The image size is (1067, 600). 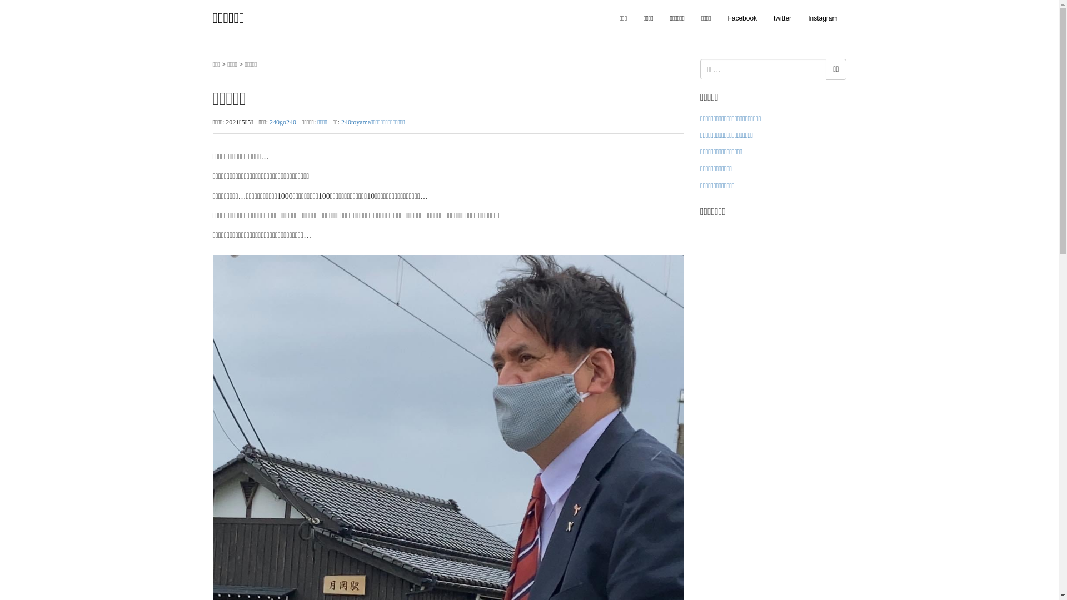 What do you see at coordinates (269, 122) in the screenshot?
I see `'240go240'` at bounding box center [269, 122].